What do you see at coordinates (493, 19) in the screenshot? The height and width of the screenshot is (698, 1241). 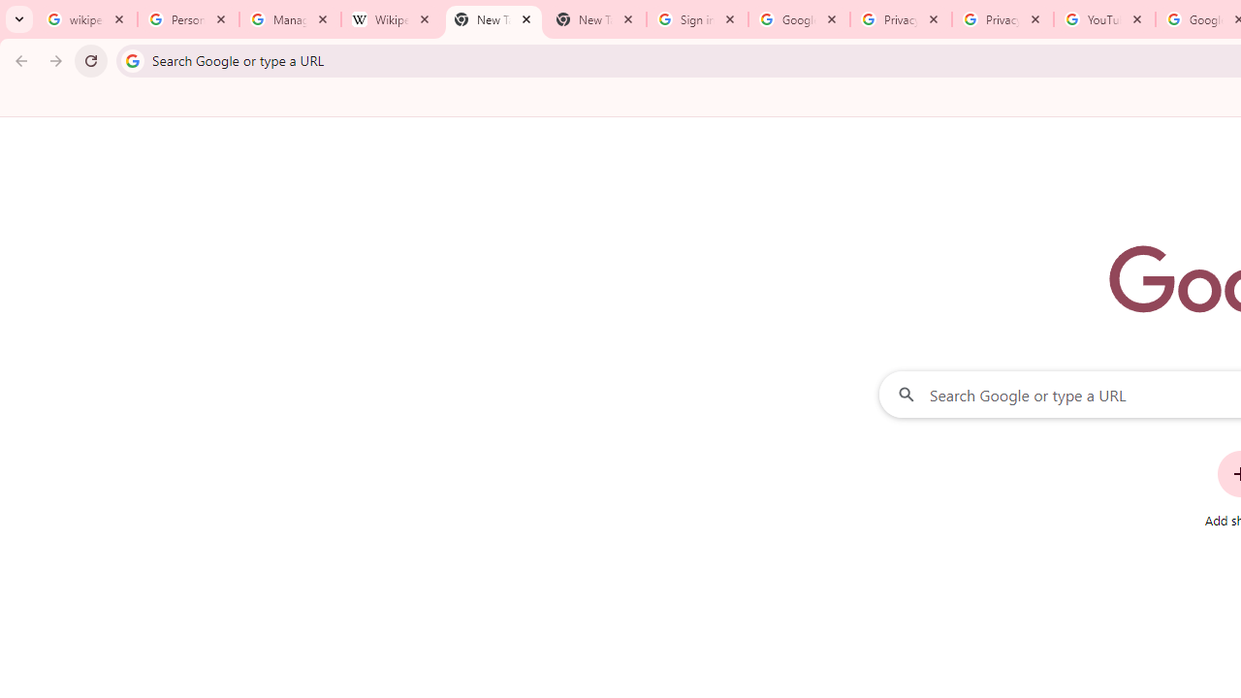 I see `'New Tab'` at bounding box center [493, 19].